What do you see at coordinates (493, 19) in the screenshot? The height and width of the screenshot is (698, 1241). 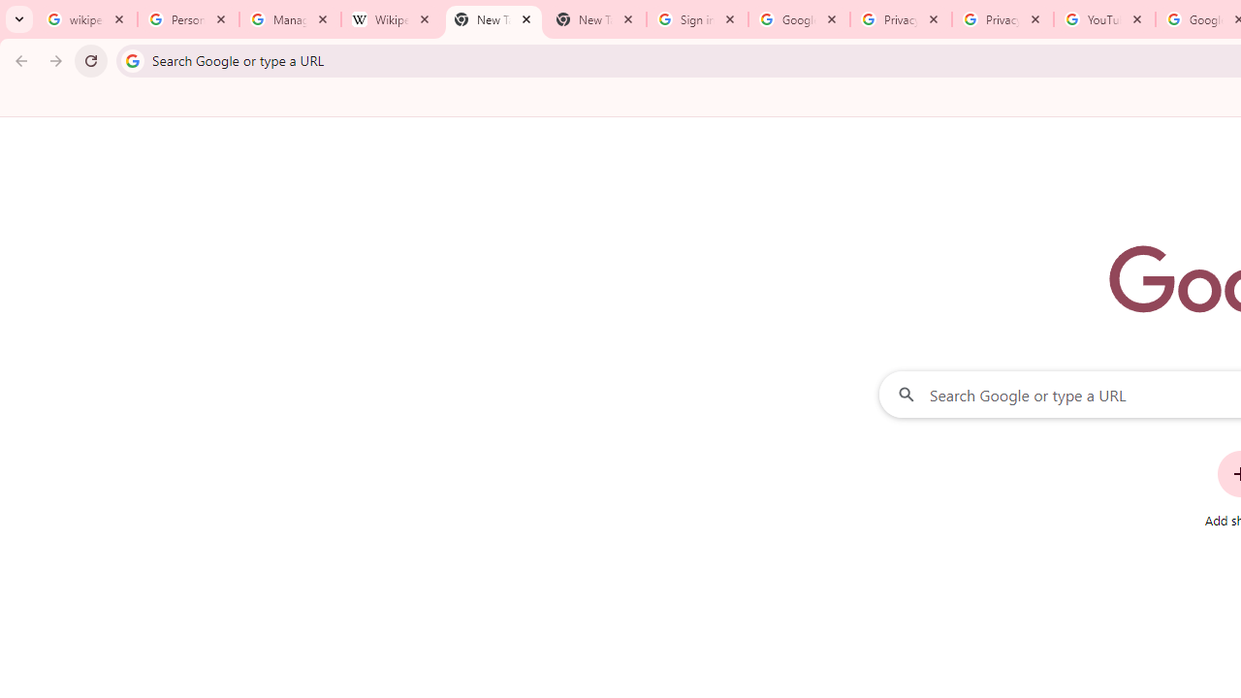 I see `'New Tab'` at bounding box center [493, 19].